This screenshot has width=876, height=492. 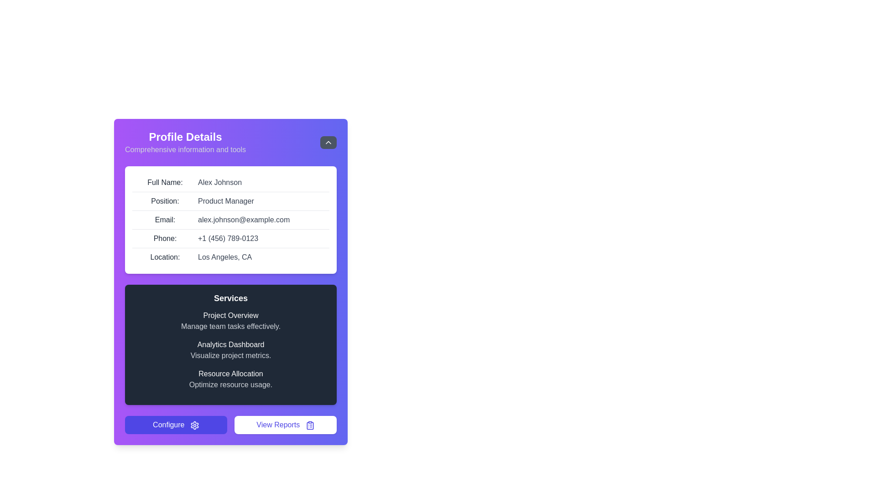 What do you see at coordinates (194, 425) in the screenshot?
I see `the settings/configuration icon within the 'Configure' button to initiate configuration` at bounding box center [194, 425].